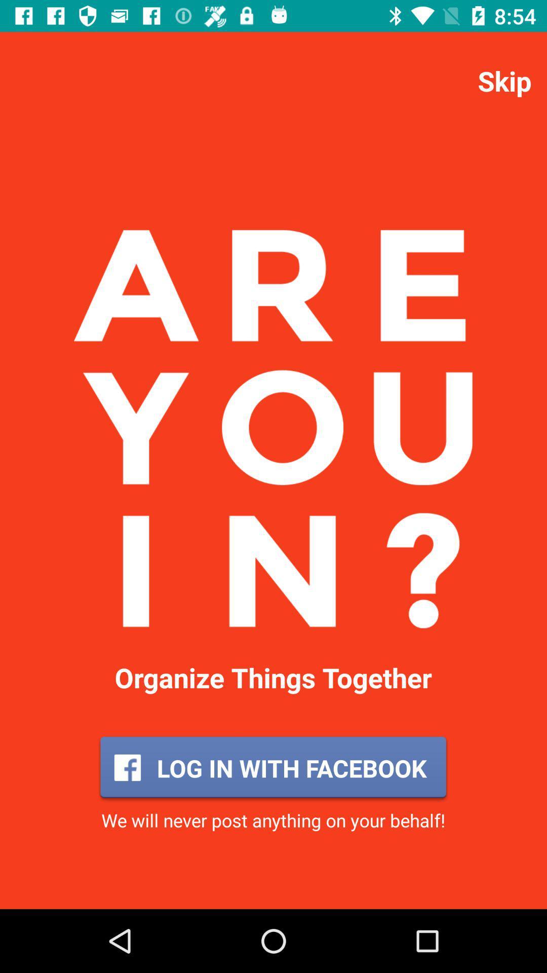 The width and height of the screenshot is (547, 973). I want to click on the item at the top right corner, so click(504, 80).